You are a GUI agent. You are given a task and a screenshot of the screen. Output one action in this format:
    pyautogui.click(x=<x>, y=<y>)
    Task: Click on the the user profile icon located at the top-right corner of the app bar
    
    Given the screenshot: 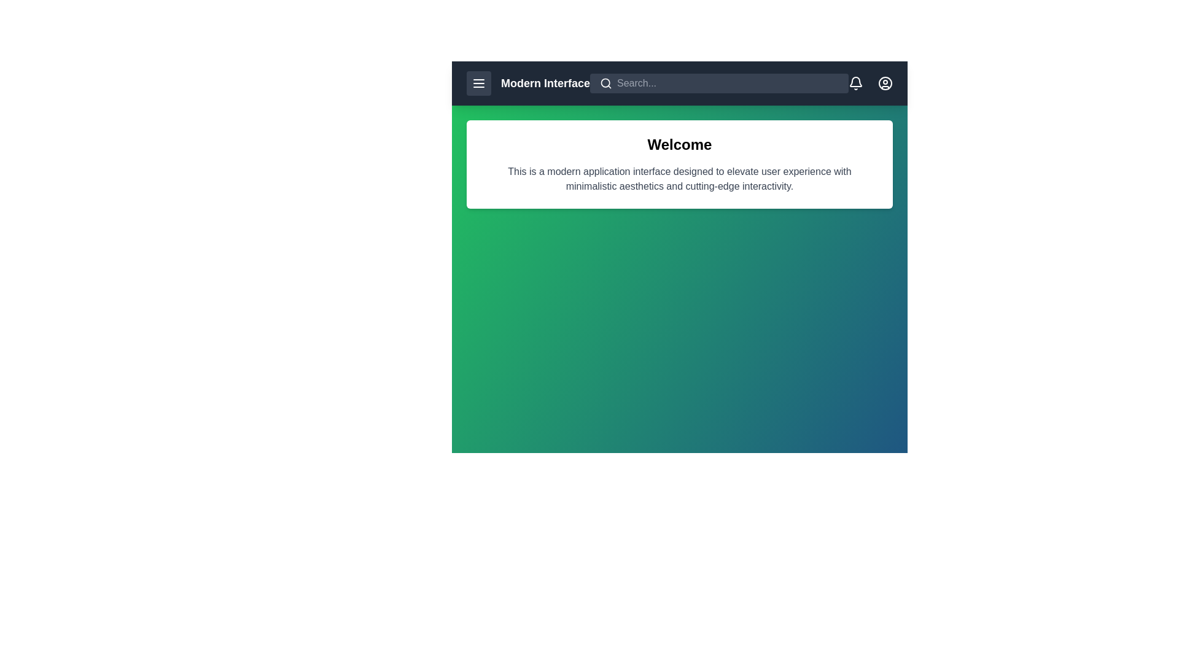 What is the action you would take?
    pyautogui.click(x=885, y=83)
    